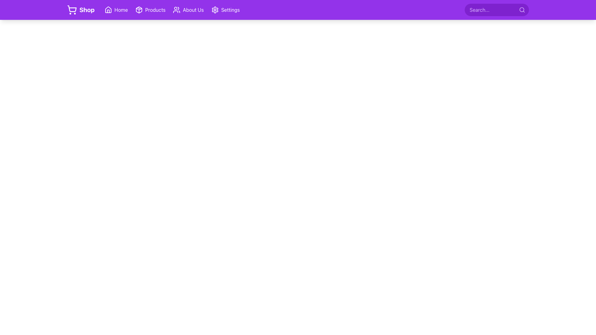  Describe the element at coordinates (188, 10) in the screenshot. I see `the 'About Us' button located in the navigation bar between the 'Products' and 'Settings' links` at that location.